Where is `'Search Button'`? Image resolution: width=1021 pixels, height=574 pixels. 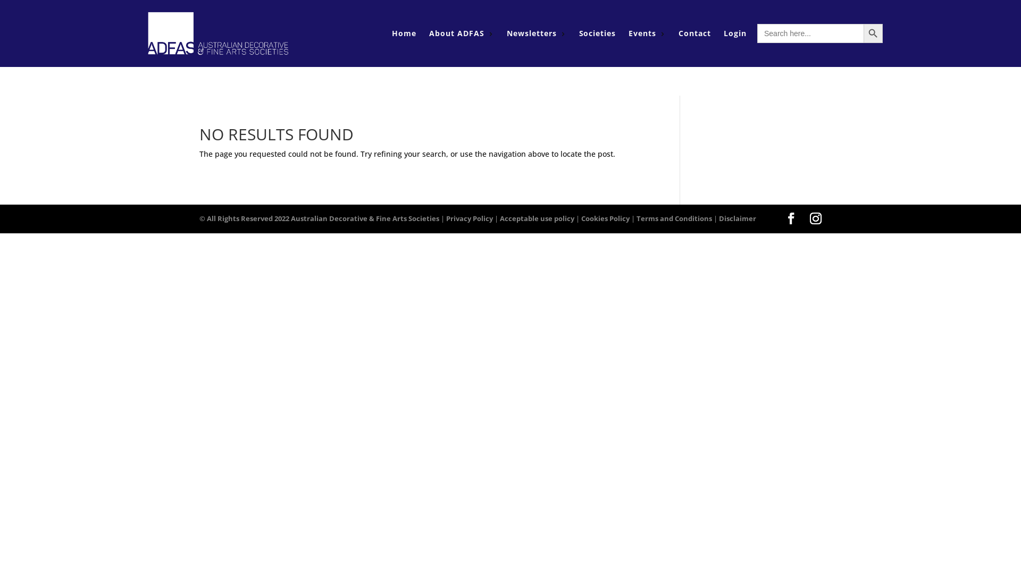 'Search Button' is located at coordinates (863, 32).